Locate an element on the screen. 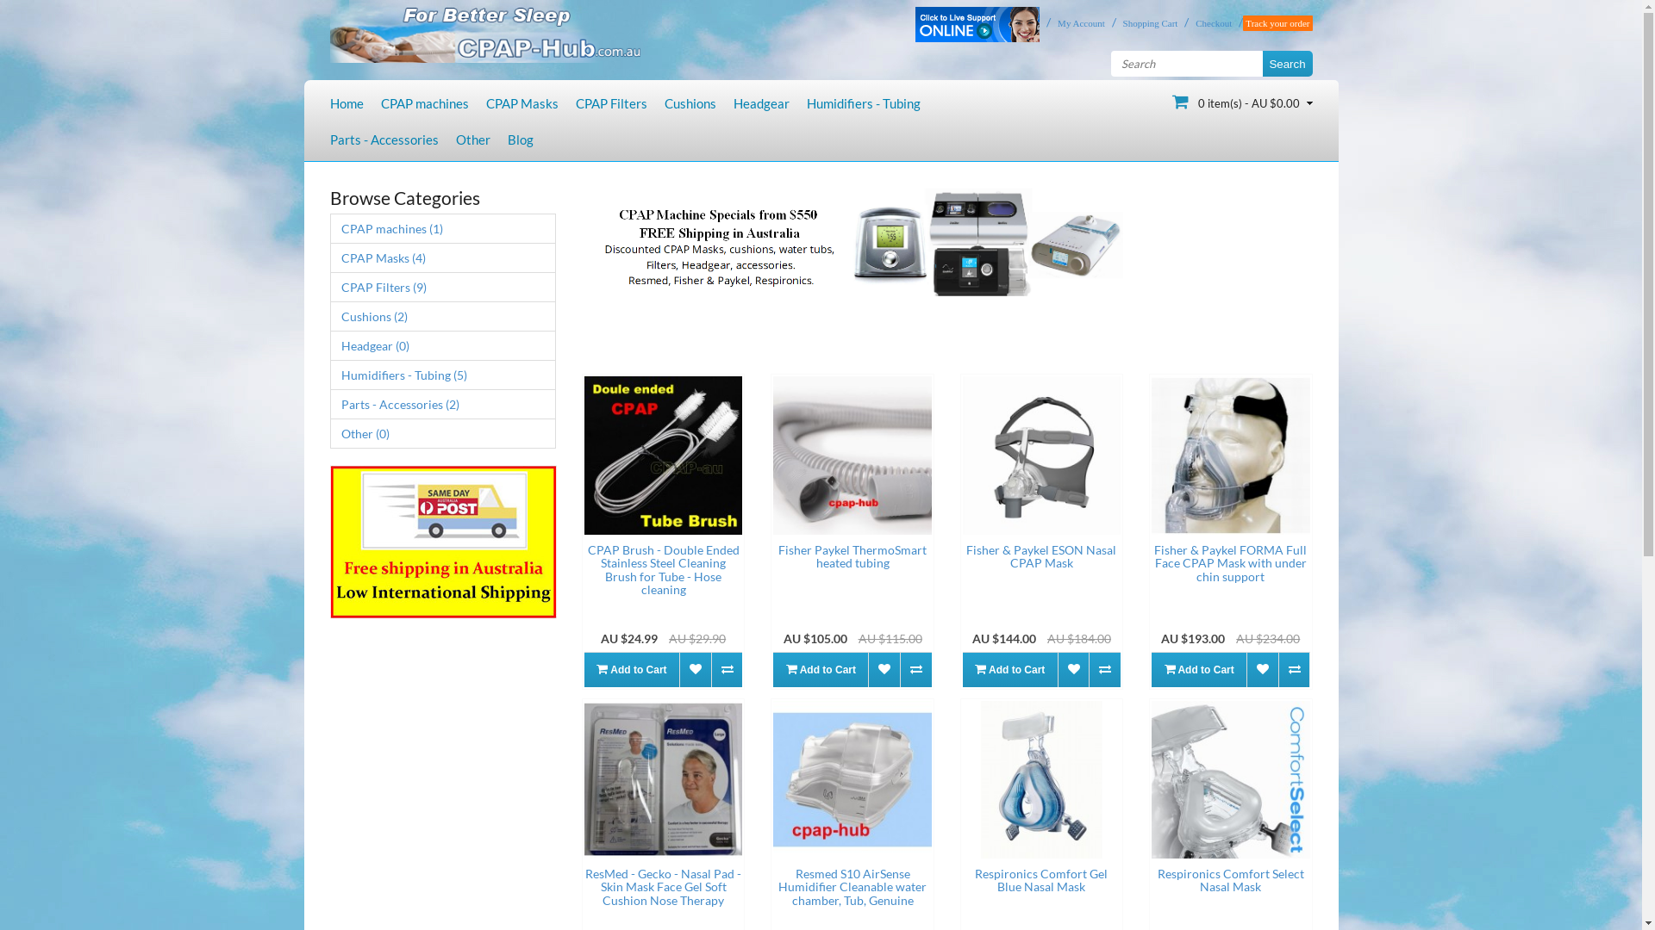  '0 item(s) - AU $0.00' is located at coordinates (1242, 102).